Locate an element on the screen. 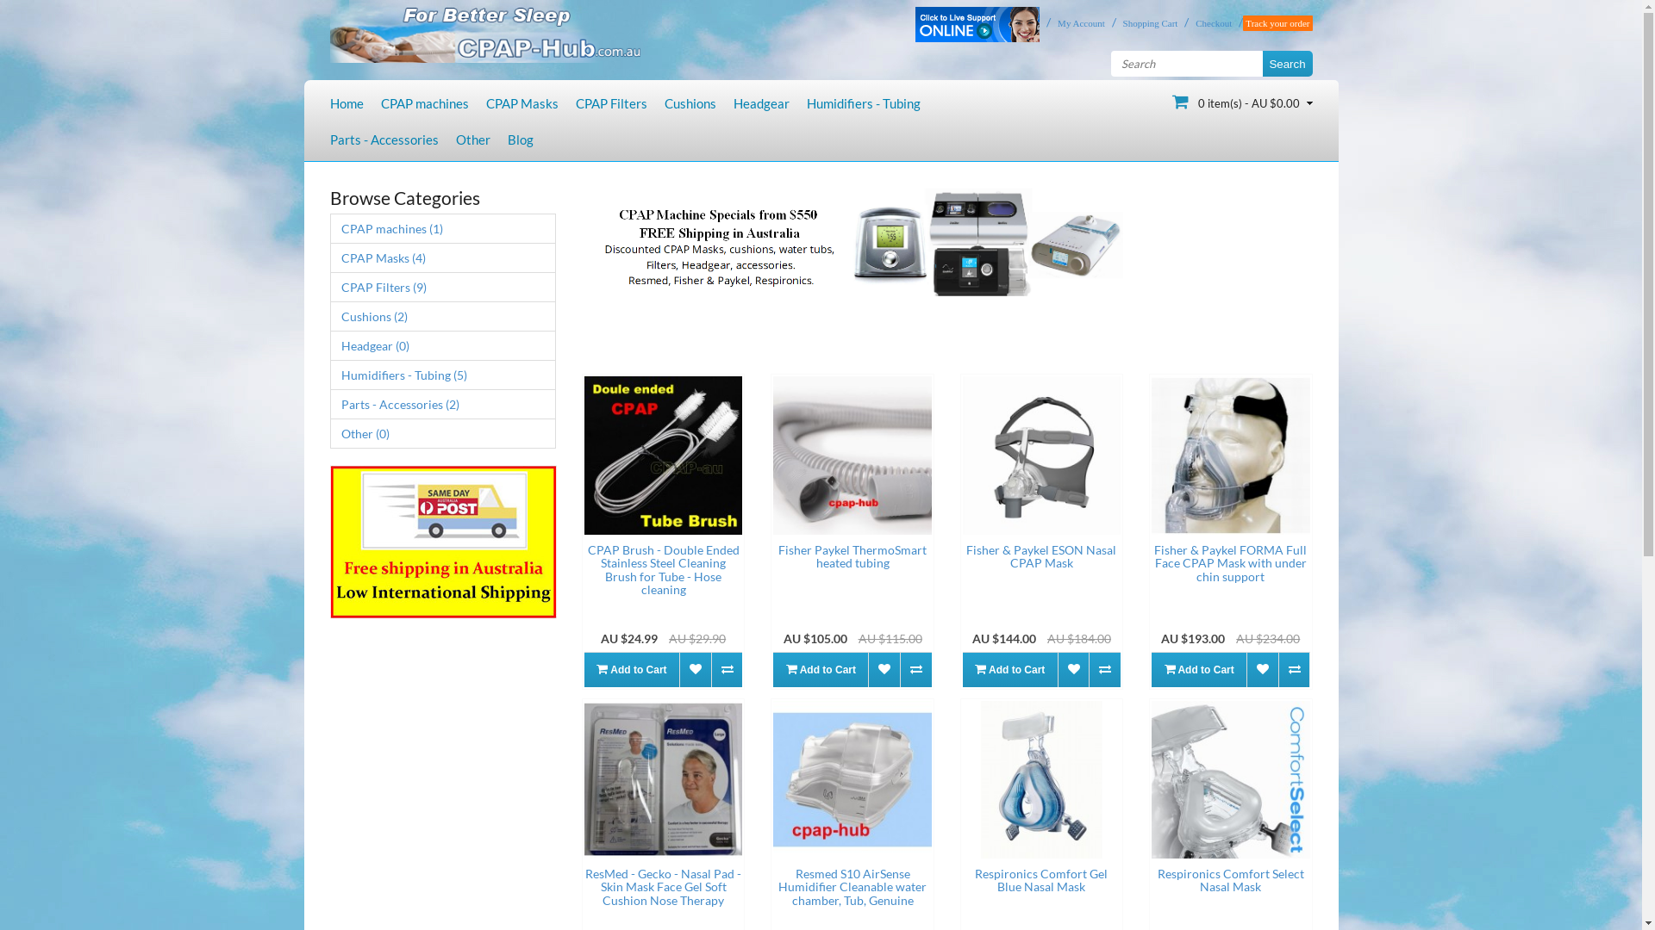  '0 item(s) - AU $0.00' is located at coordinates (1242, 102).